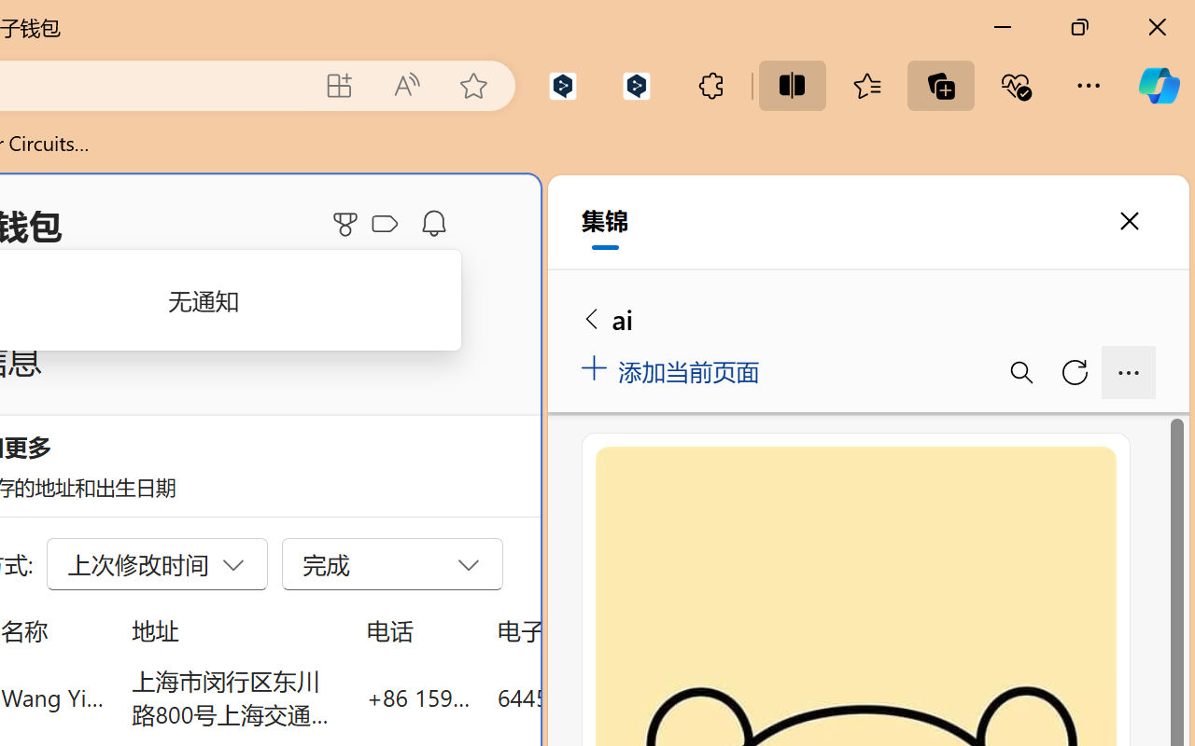  What do you see at coordinates (601, 697) in the screenshot?
I see `'644553698@qq.com'` at bounding box center [601, 697].